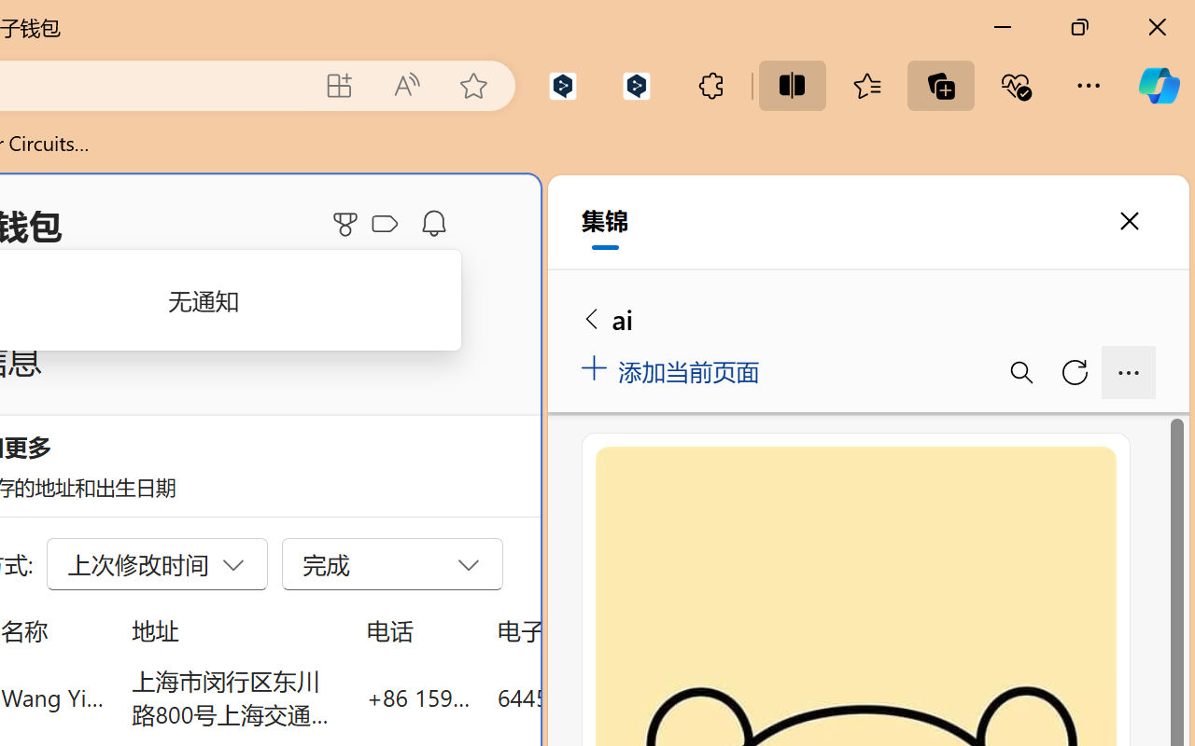  What do you see at coordinates (601, 697) in the screenshot?
I see `'644553698@qq.com'` at bounding box center [601, 697].